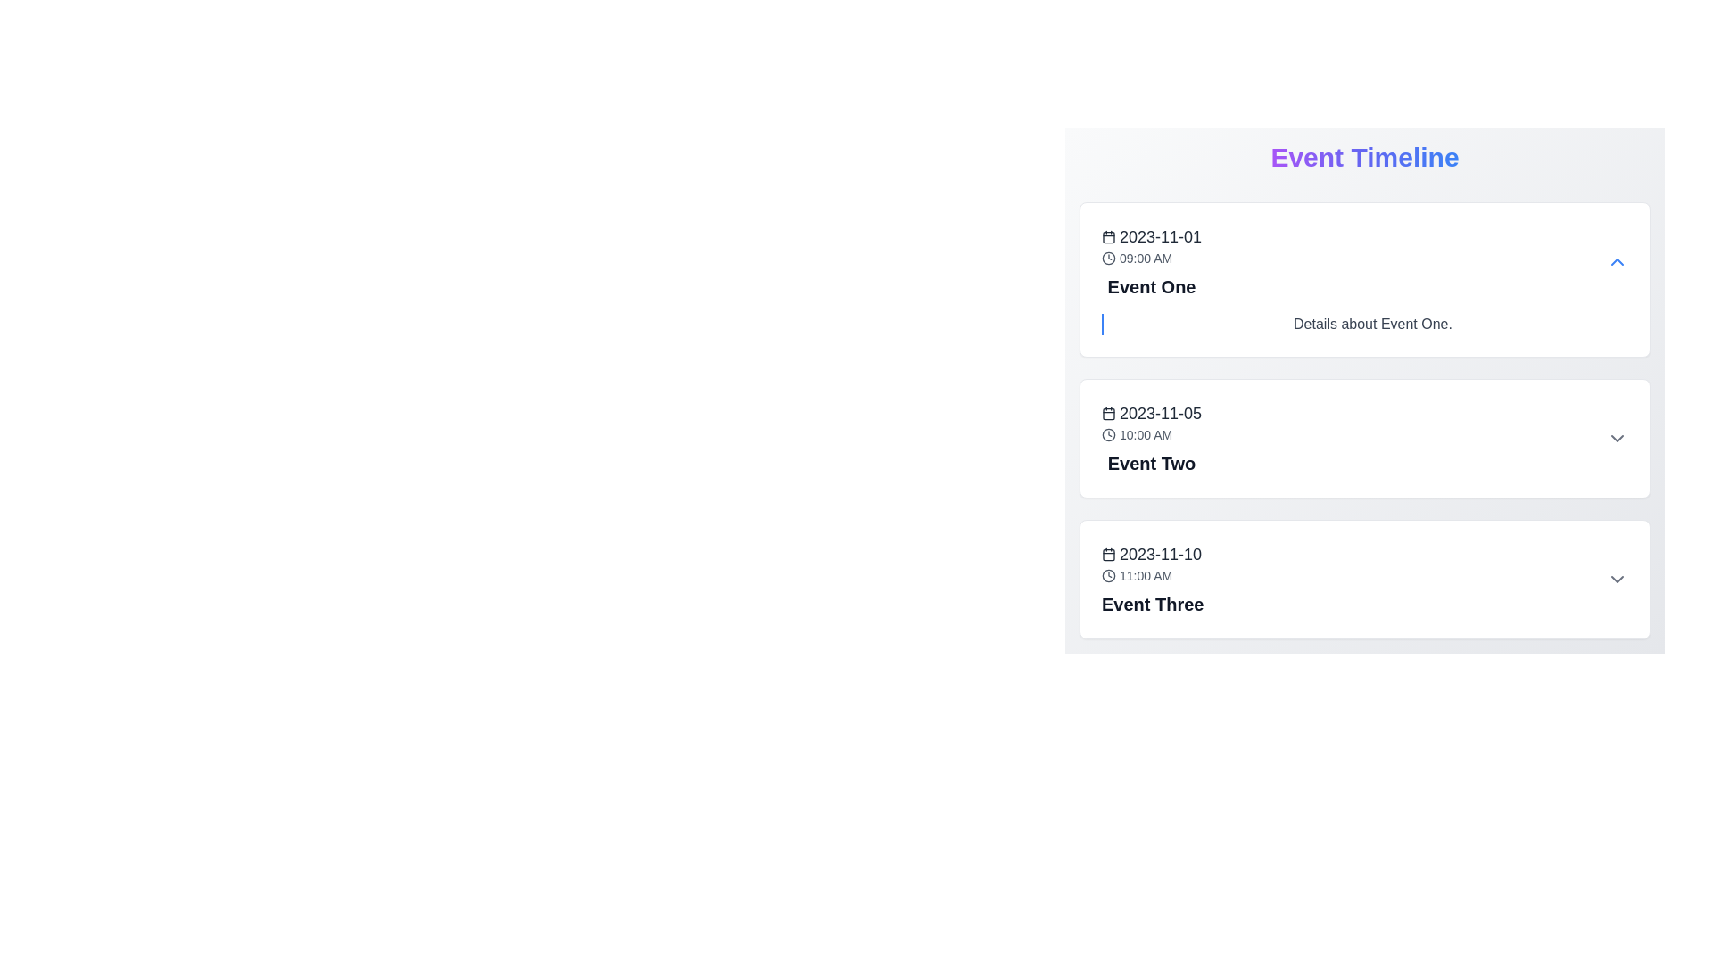 Image resolution: width=1713 pixels, height=963 pixels. What do you see at coordinates (1108, 553) in the screenshot?
I see `the appearance of the calendar SVG icon located to the left of the date text '2023-11-10' within the event entry list` at bounding box center [1108, 553].